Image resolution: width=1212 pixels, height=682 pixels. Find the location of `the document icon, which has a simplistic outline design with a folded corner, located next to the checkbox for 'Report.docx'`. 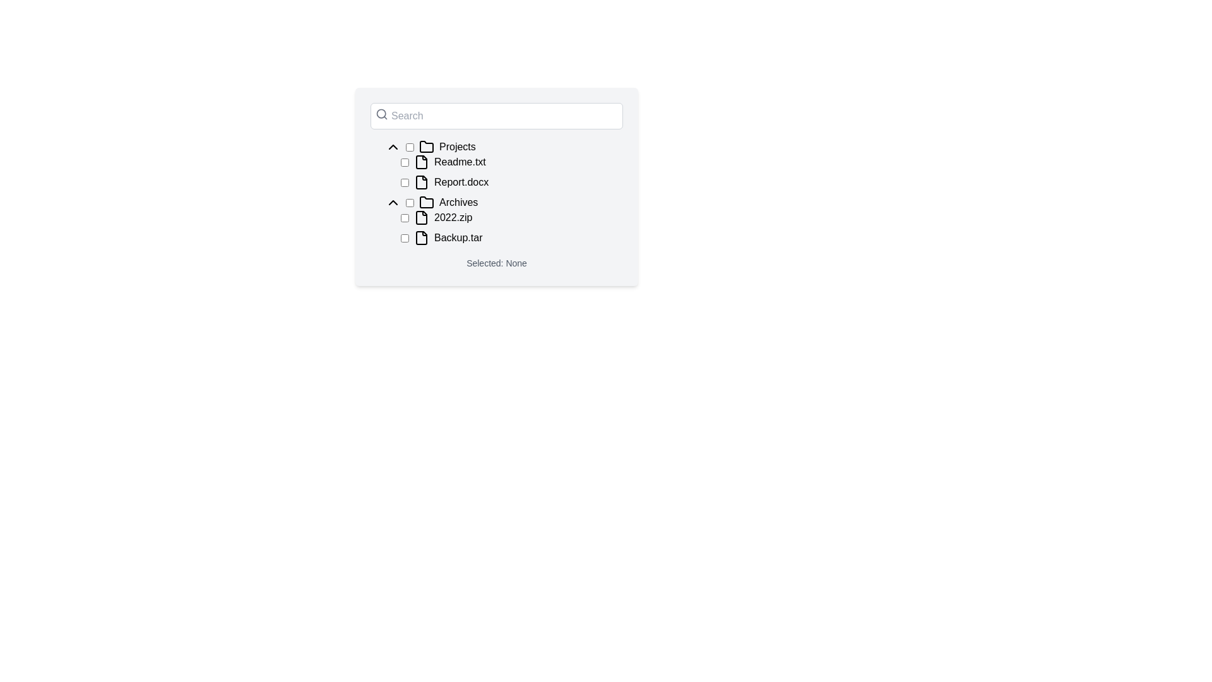

the document icon, which has a simplistic outline design with a folded corner, located next to the checkbox for 'Report.docx' is located at coordinates (421, 182).